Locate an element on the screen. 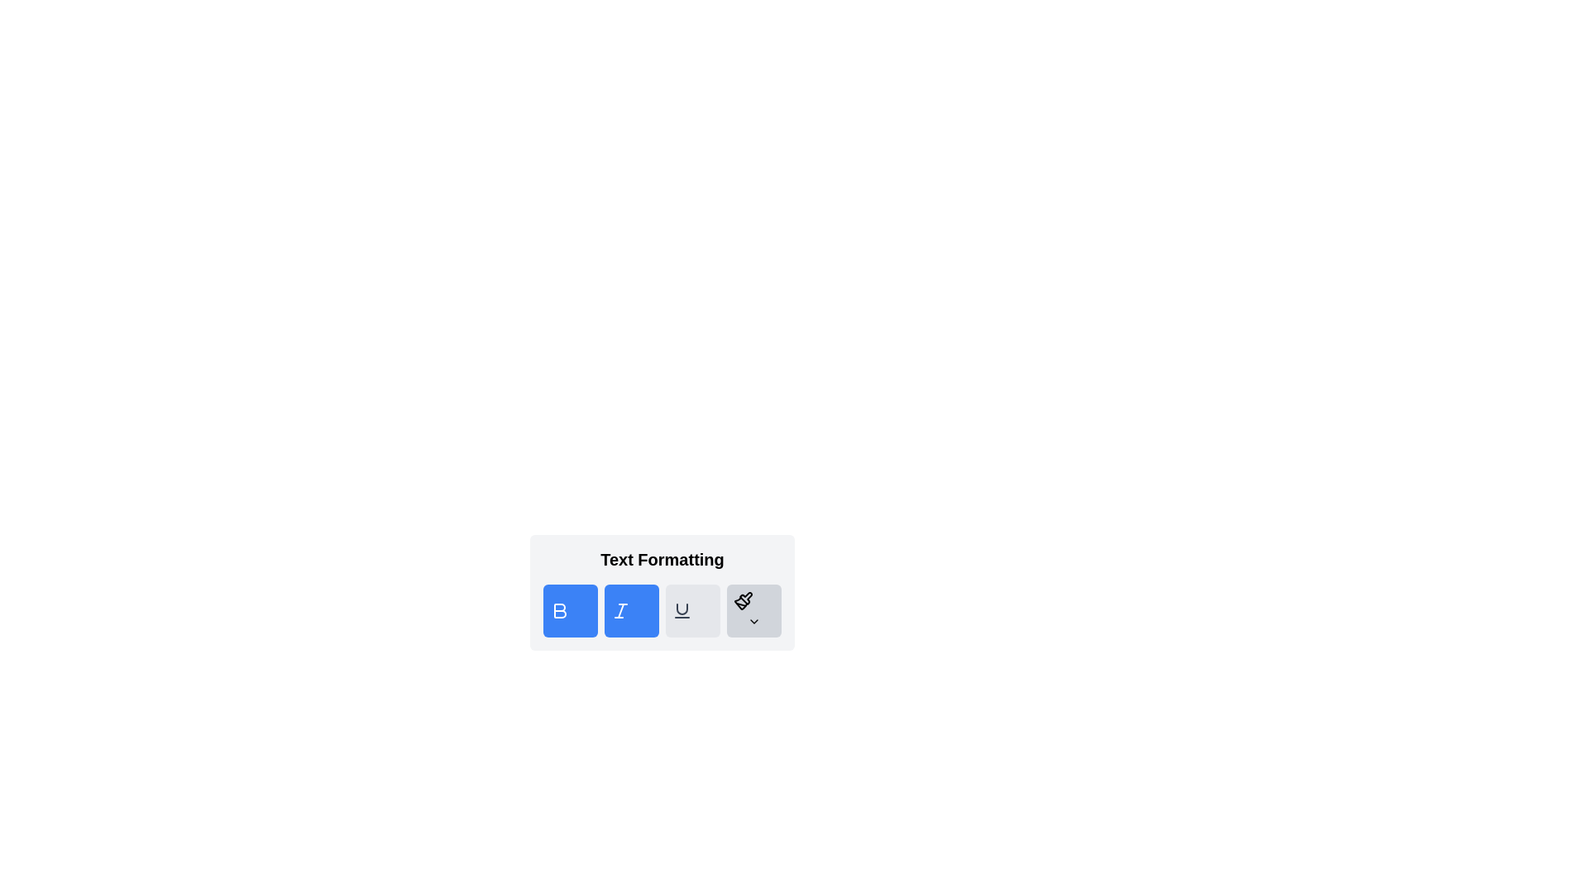 This screenshot has width=1588, height=893. the italic formatting button, which is the second button in the row of formatting options is located at coordinates (630, 611).